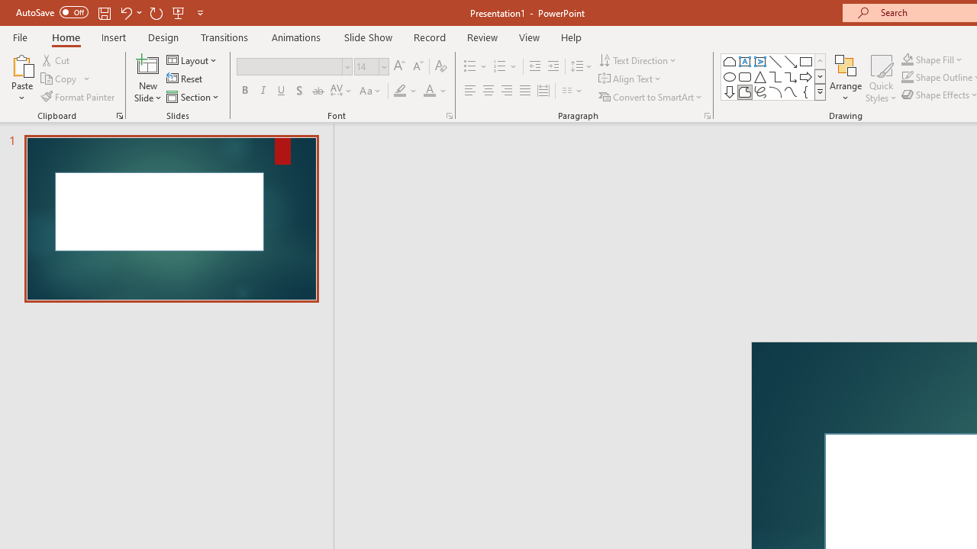 Image resolution: width=977 pixels, height=549 pixels. What do you see at coordinates (931, 59) in the screenshot?
I see `'Shape Fill'` at bounding box center [931, 59].